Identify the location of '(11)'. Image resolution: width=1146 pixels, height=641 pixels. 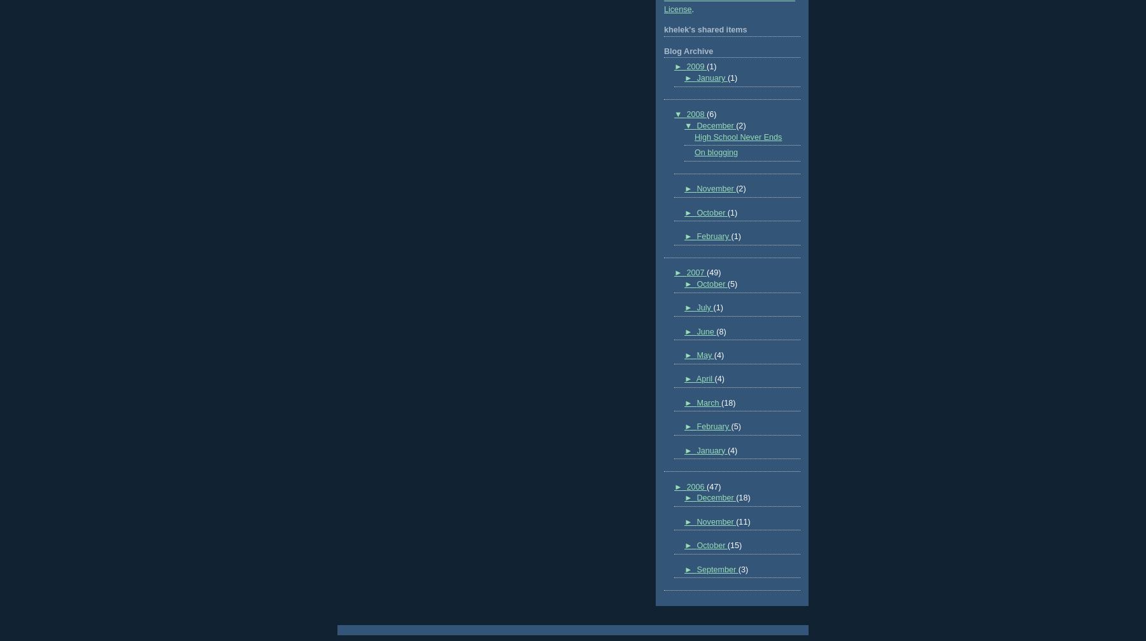
(742, 521).